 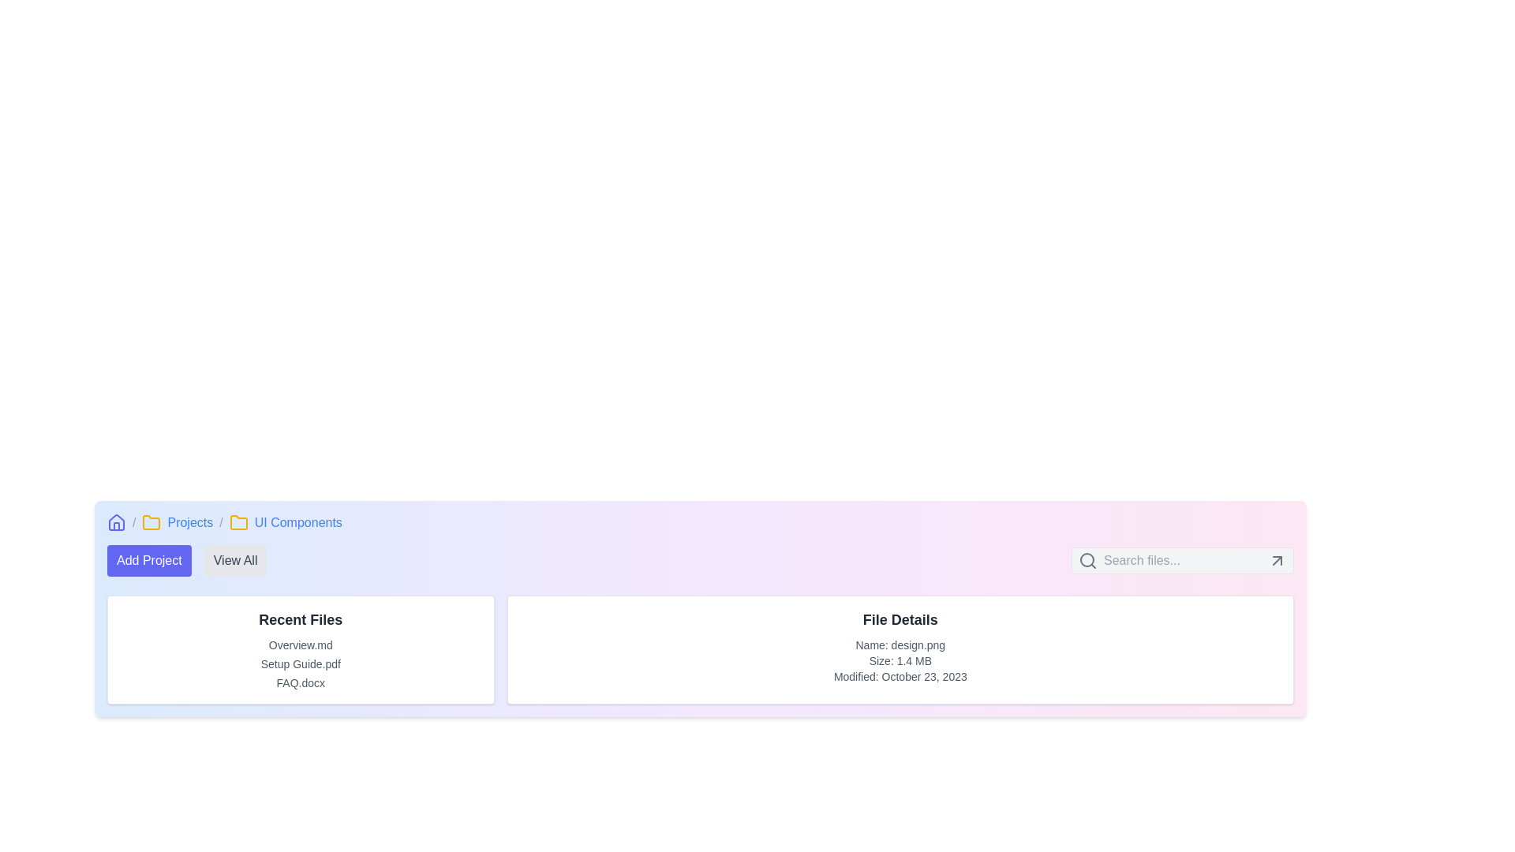 What do you see at coordinates (1277, 559) in the screenshot?
I see `the small gray arrow icon located at the far right of the search bar in the top-right corner of the interface` at bounding box center [1277, 559].